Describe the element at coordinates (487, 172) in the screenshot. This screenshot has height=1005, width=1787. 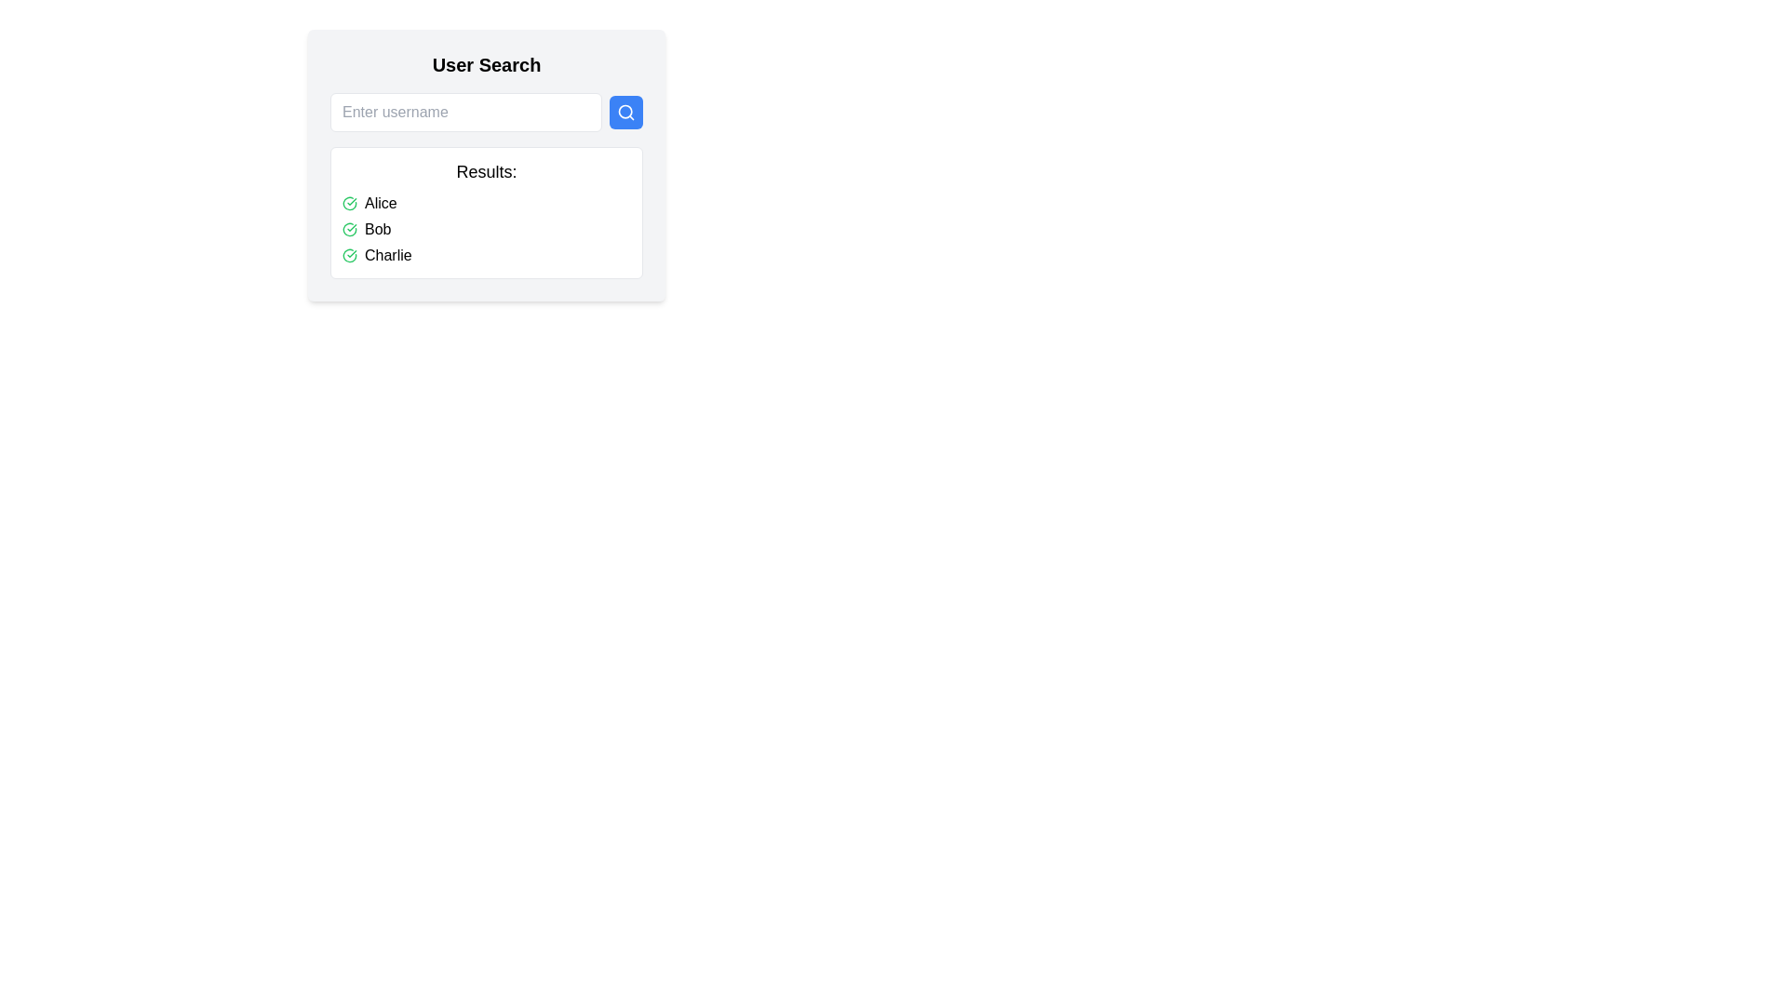
I see `the text label that indicates the search results, located just below the 'User Search' header and the input field, and above the listed user names Alice, Bob, and Charlie` at that location.